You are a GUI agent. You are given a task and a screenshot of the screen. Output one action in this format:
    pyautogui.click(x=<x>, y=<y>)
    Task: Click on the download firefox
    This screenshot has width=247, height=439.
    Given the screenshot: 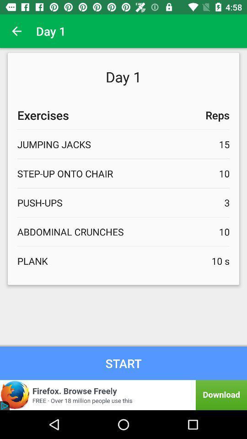 What is the action you would take?
    pyautogui.click(x=123, y=395)
    